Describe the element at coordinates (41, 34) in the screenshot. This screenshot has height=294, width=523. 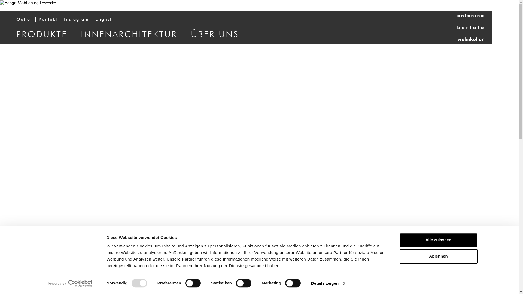
I see `'PRODUKTE'` at that location.